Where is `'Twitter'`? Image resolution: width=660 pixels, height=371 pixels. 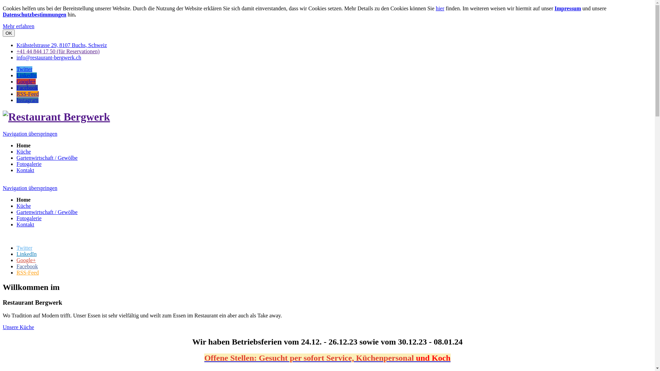
'Twitter' is located at coordinates (24, 69).